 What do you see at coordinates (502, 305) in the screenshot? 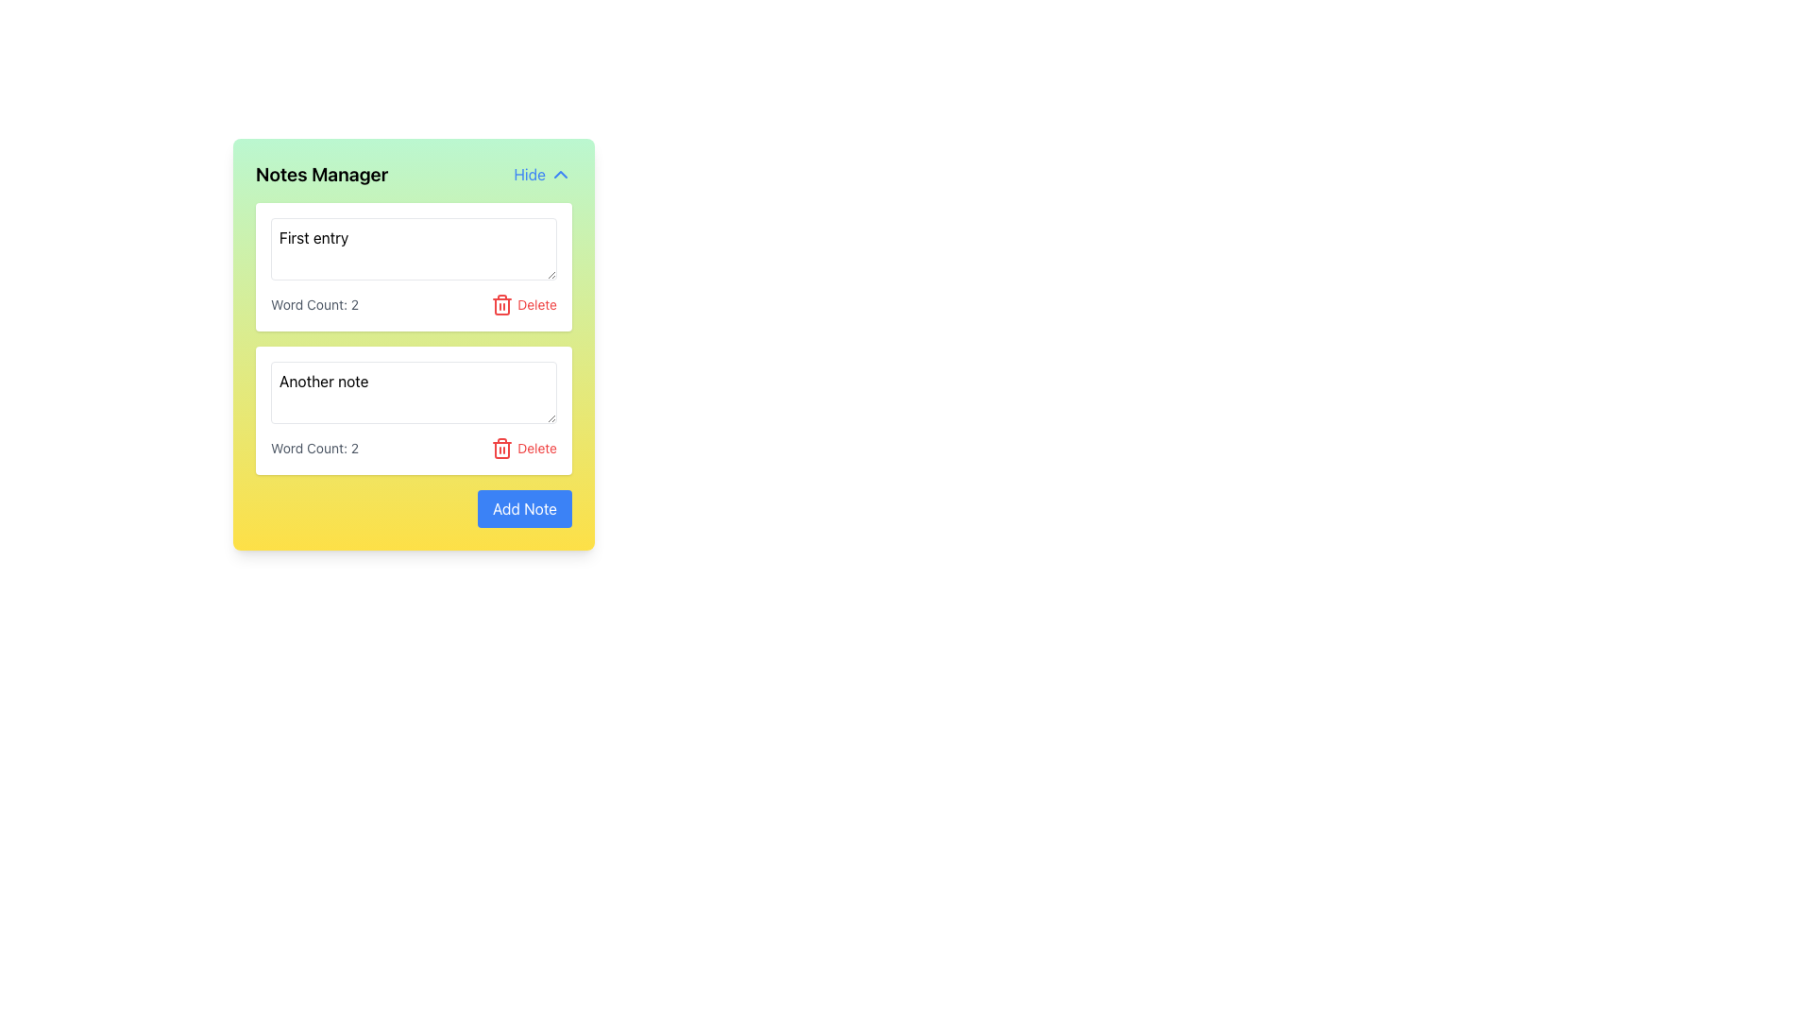
I see `the supporting graphic component located at the top-right corner of the trash can icon for the first note in the 'Notes Manager' interface` at bounding box center [502, 305].